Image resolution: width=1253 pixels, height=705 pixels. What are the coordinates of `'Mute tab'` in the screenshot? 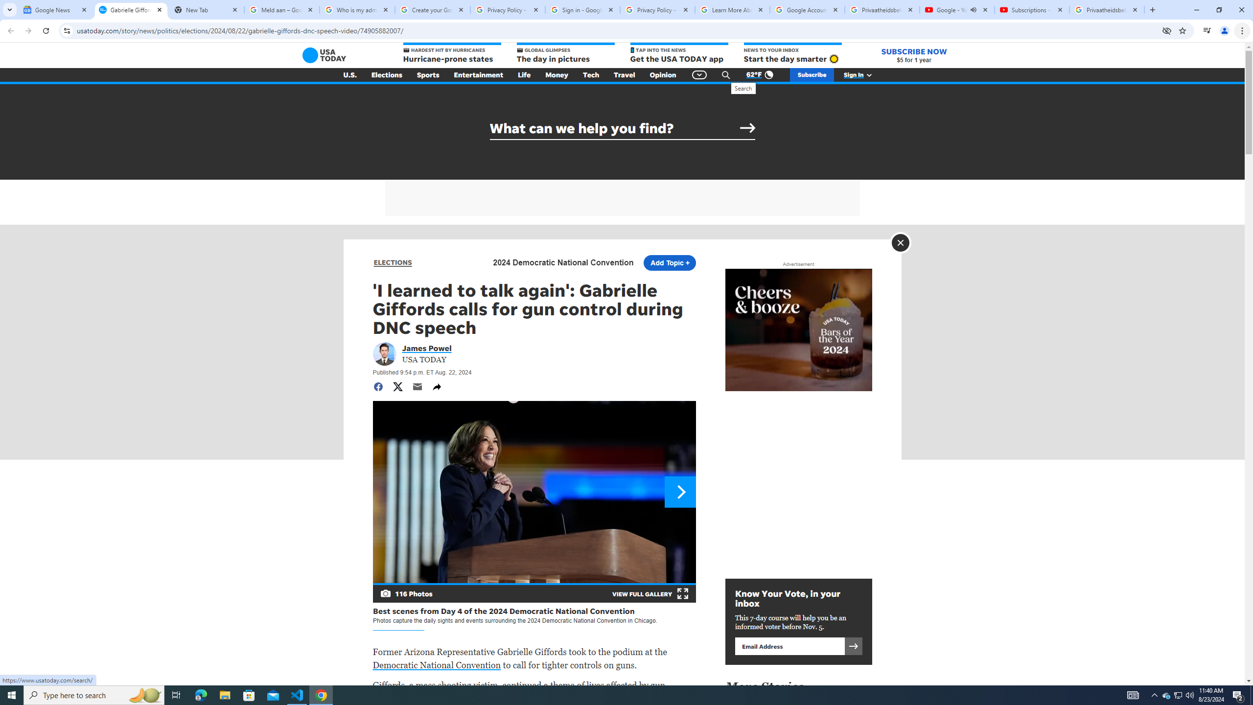 It's located at (974, 9).